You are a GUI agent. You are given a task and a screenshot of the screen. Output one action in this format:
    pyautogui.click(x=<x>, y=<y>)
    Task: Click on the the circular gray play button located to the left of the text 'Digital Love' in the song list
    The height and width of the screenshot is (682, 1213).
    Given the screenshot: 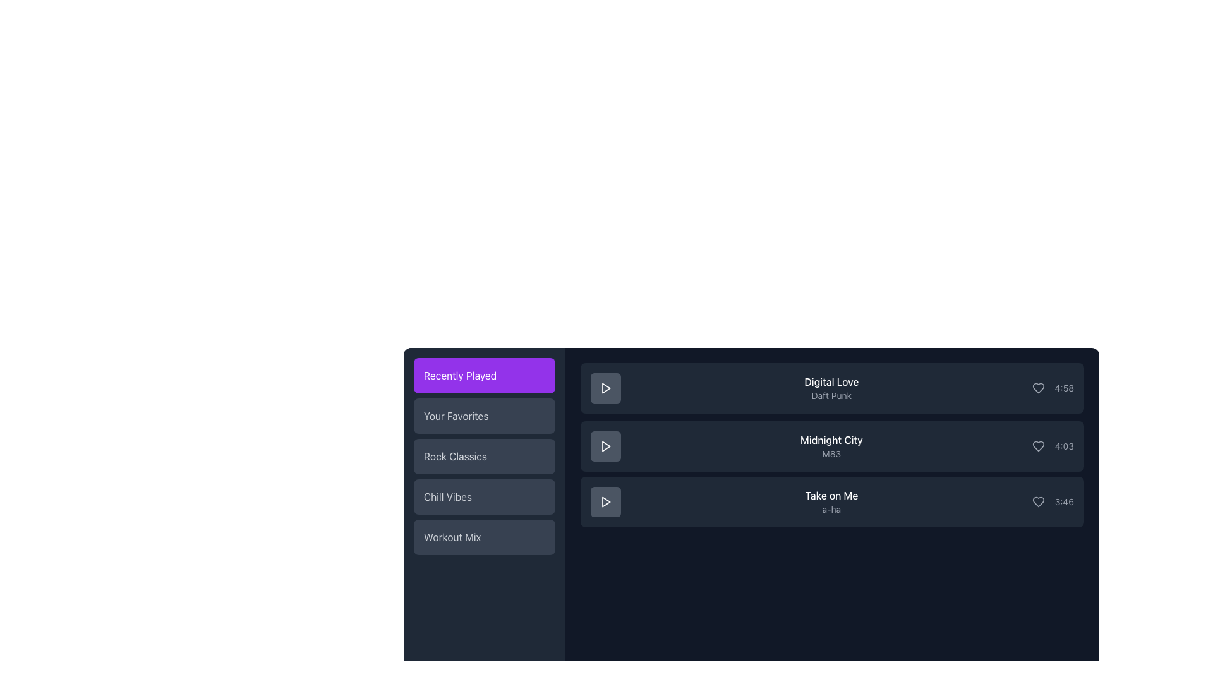 What is the action you would take?
    pyautogui.click(x=605, y=387)
    